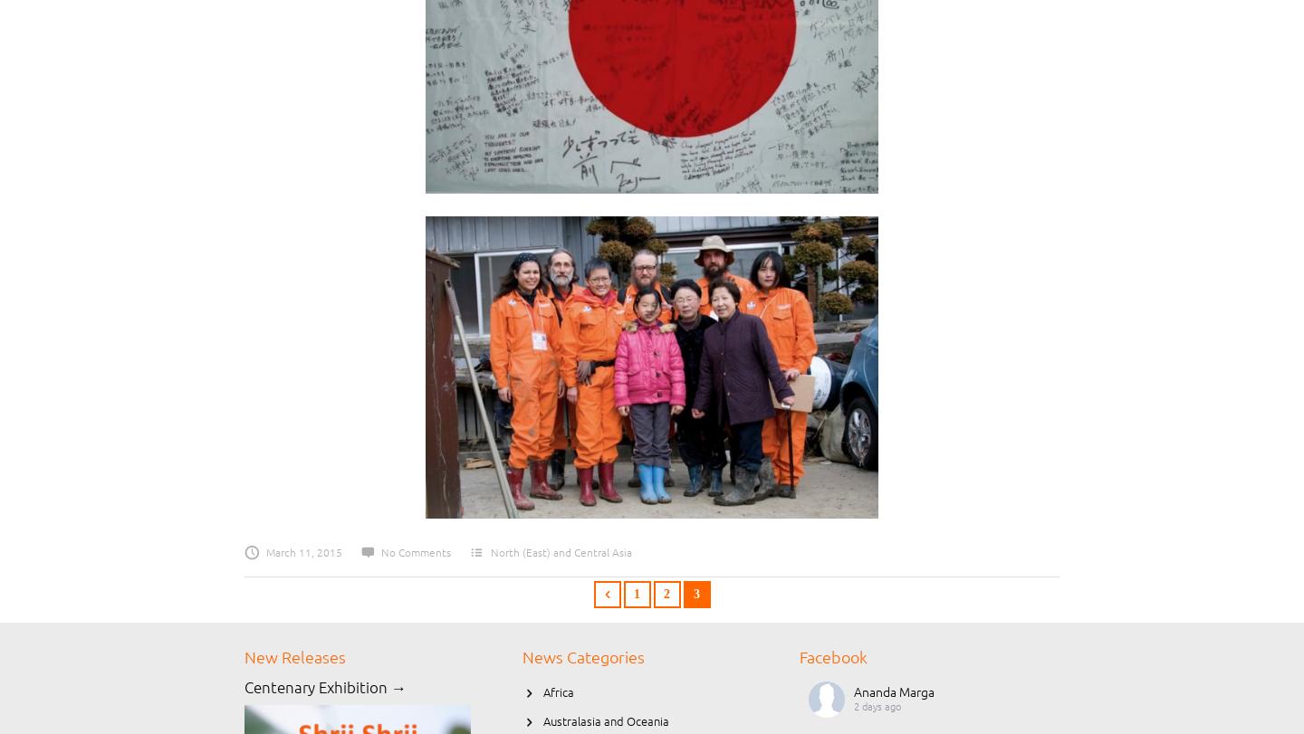  What do you see at coordinates (666, 594) in the screenshot?
I see `'2'` at bounding box center [666, 594].